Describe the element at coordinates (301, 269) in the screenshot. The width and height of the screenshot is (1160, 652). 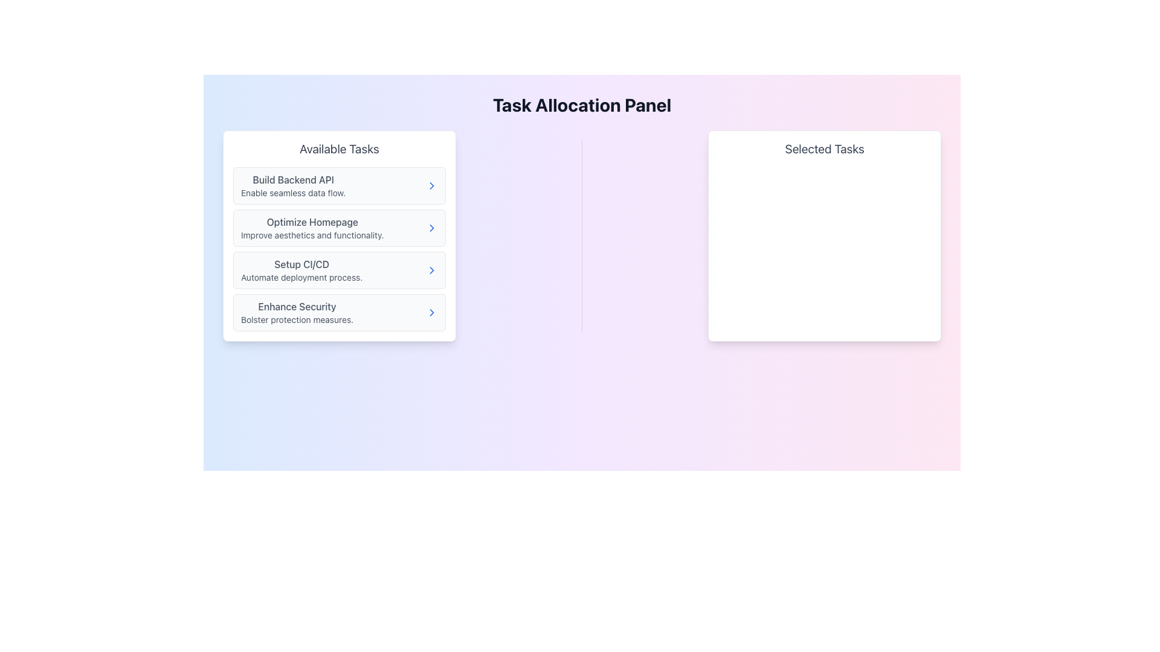
I see `the 'Setup CI/CD' text element in the 'Available Tasks' section` at that location.